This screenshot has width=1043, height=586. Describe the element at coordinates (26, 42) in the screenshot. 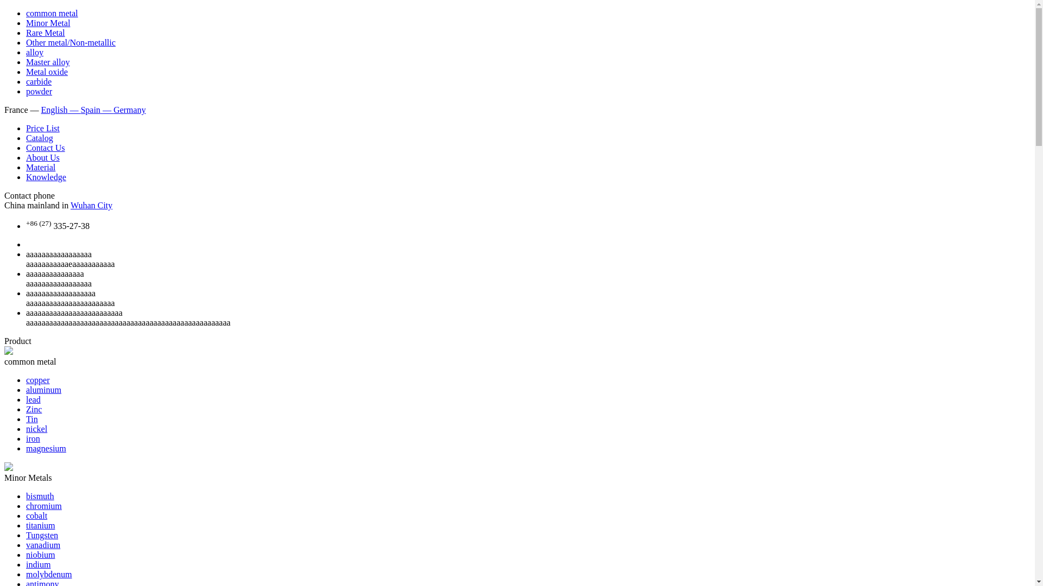

I see `'Other metal/Non-metallic'` at that location.